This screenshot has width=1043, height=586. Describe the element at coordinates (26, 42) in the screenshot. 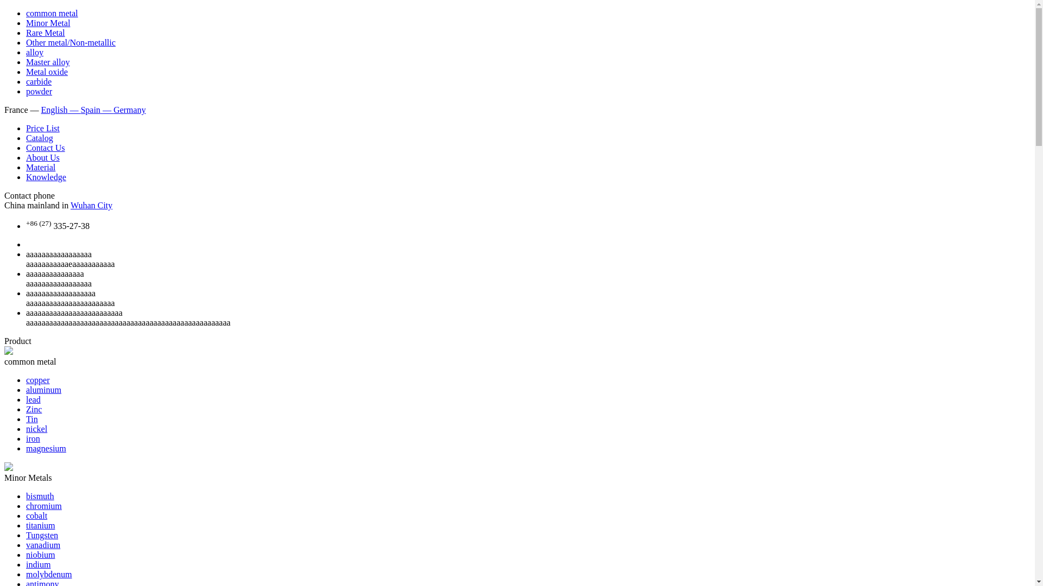

I see `'Other metal/Non-metallic'` at that location.